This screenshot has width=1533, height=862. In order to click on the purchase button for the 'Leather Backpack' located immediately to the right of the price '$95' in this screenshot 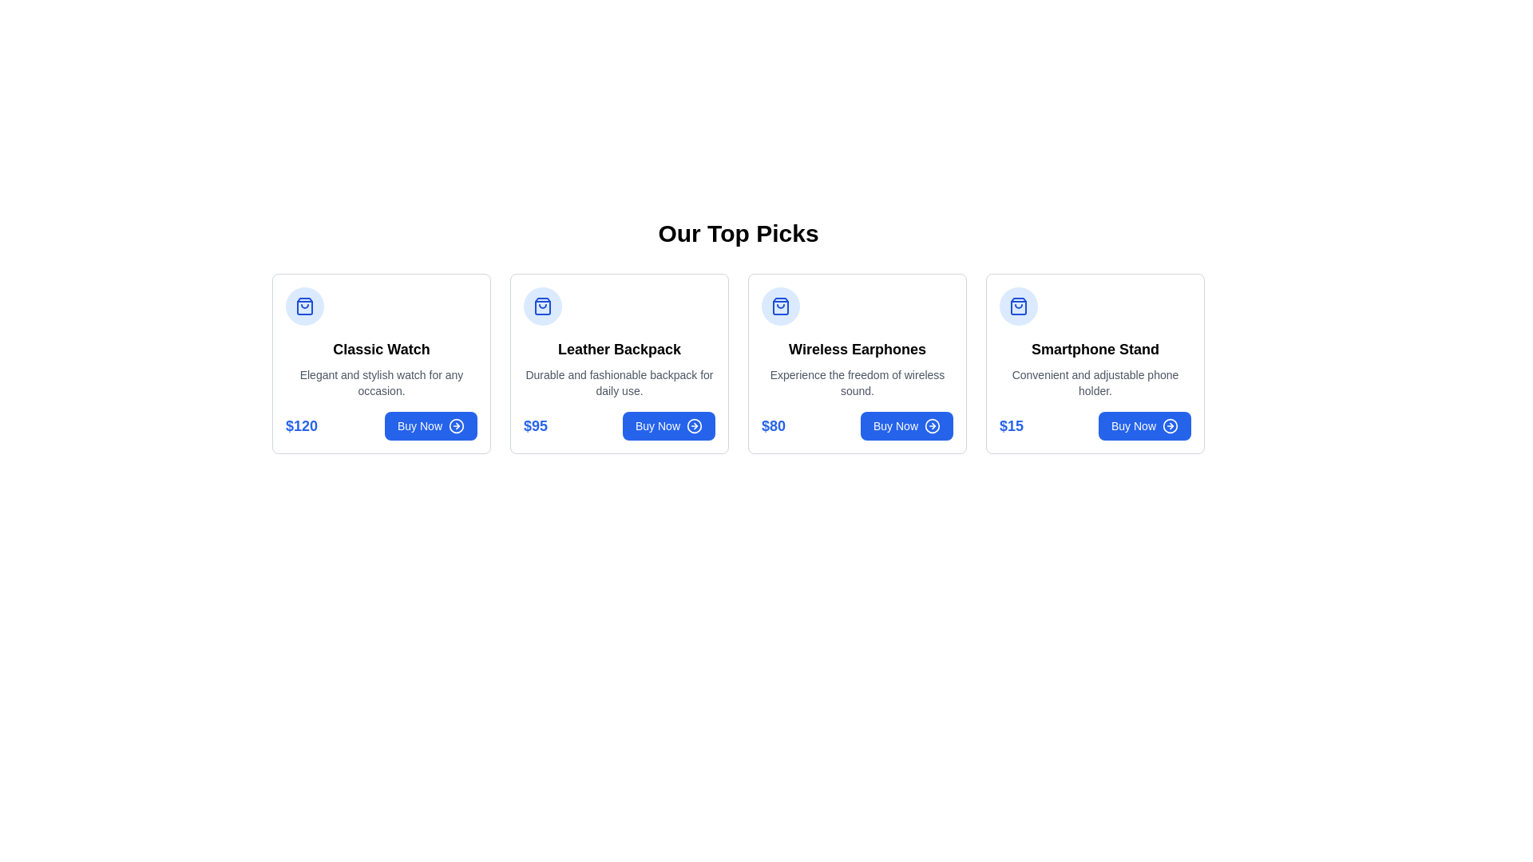, I will do `click(668, 425)`.